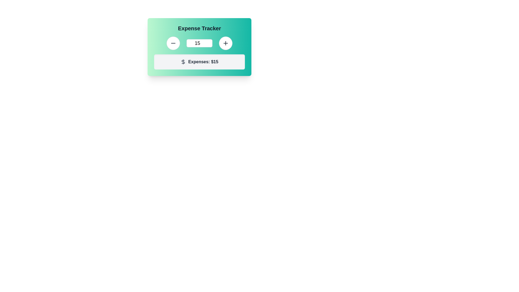 Image resolution: width=519 pixels, height=292 pixels. Describe the element at coordinates (226, 43) in the screenshot. I see `the increment button graphic icon located at the top-right corner of the widget` at that location.